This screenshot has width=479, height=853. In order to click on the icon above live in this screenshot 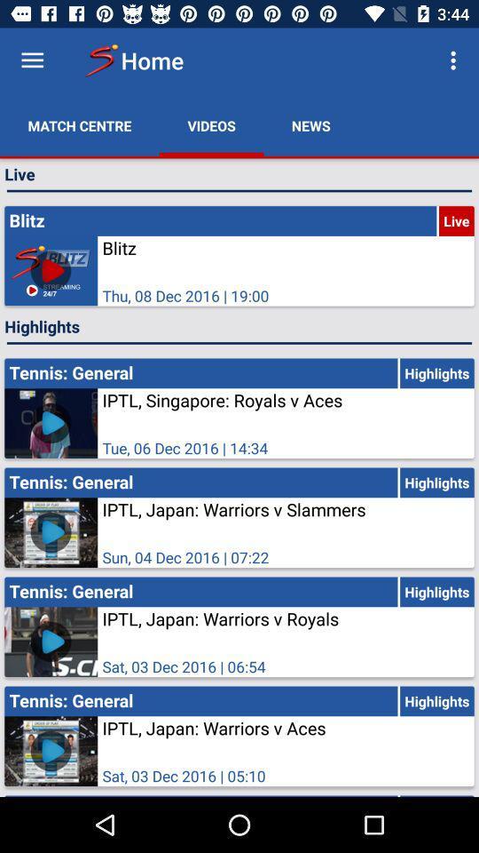, I will do `click(455, 60)`.